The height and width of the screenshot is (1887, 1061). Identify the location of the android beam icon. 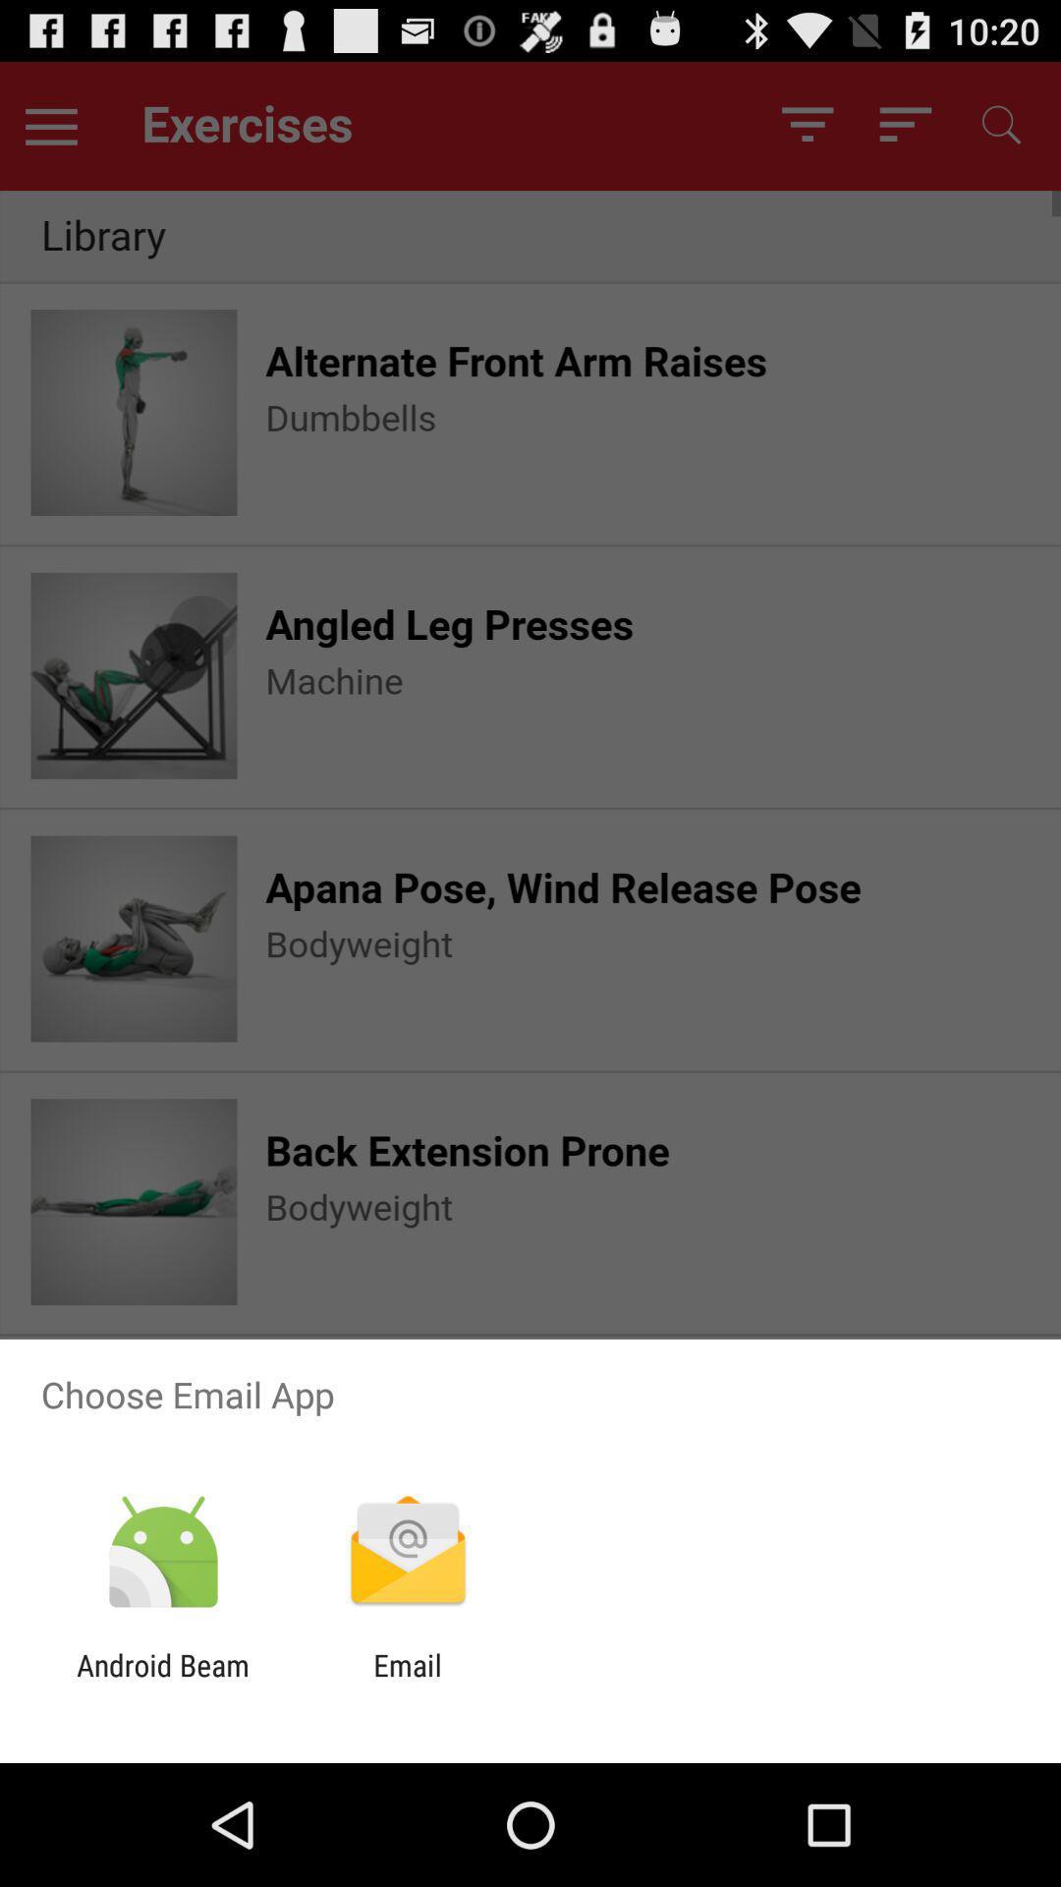
(162, 1682).